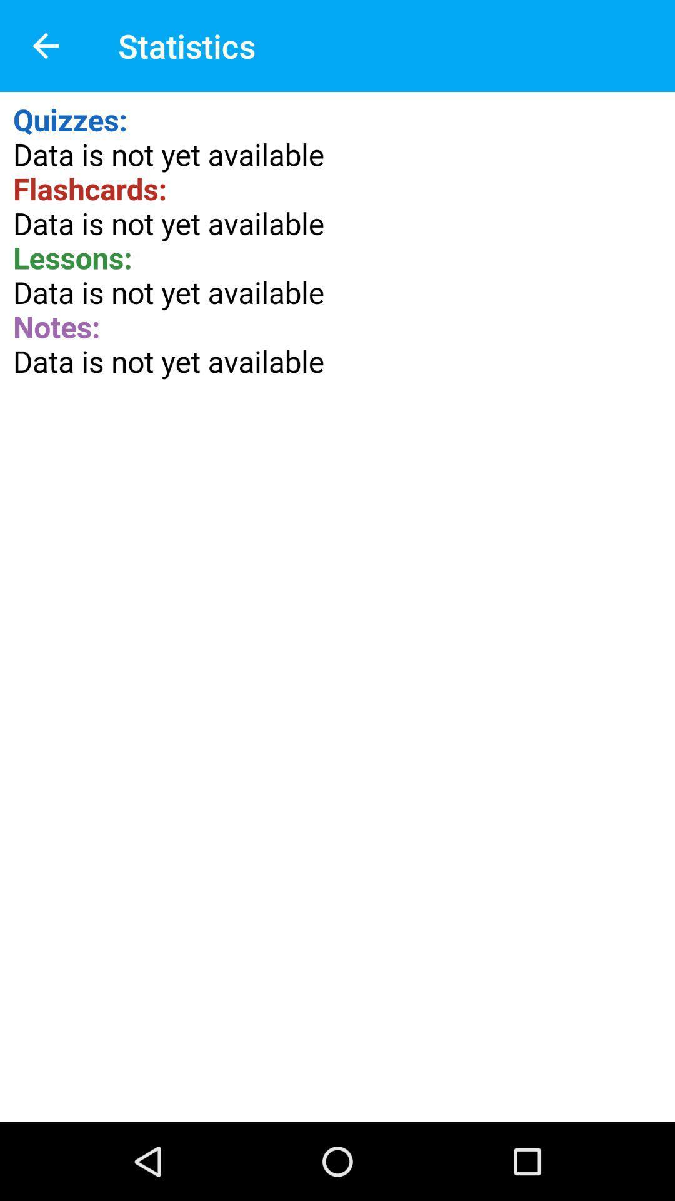 This screenshot has height=1201, width=675. Describe the element at coordinates (337, 607) in the screenshot. I see `item at the center` at that location.